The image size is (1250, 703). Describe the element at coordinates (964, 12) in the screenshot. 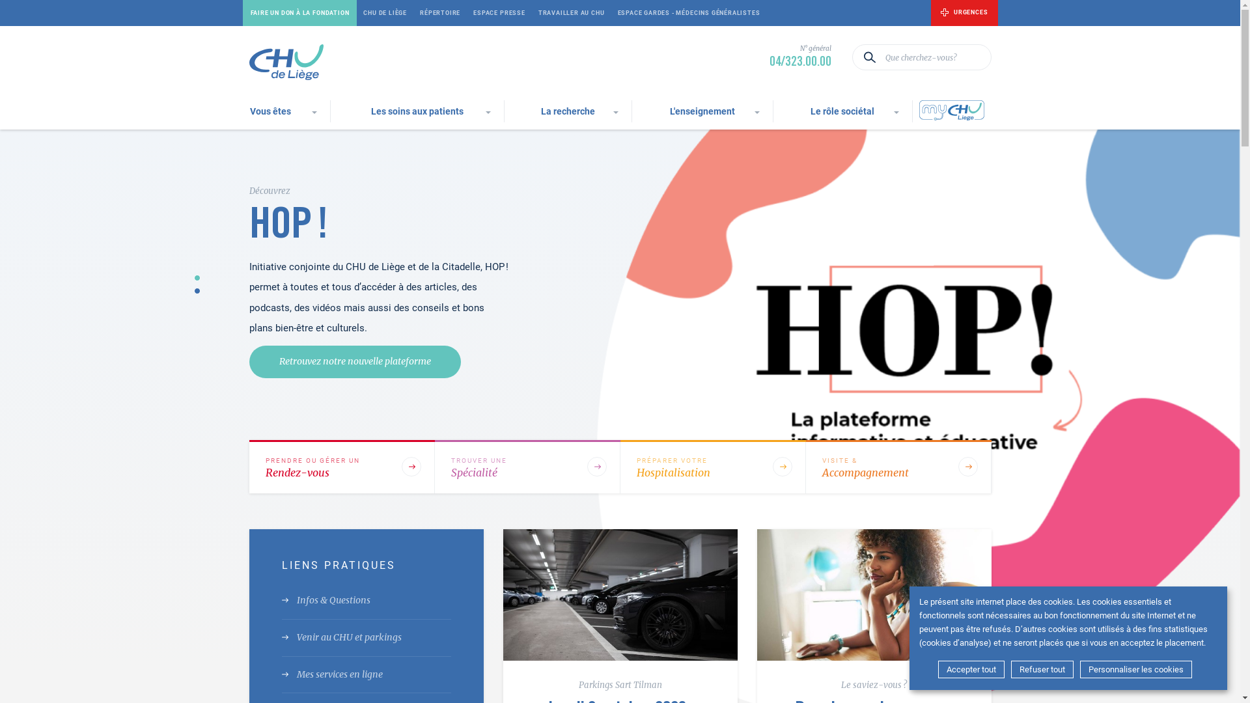

I see `'URGENCES'` at that location.